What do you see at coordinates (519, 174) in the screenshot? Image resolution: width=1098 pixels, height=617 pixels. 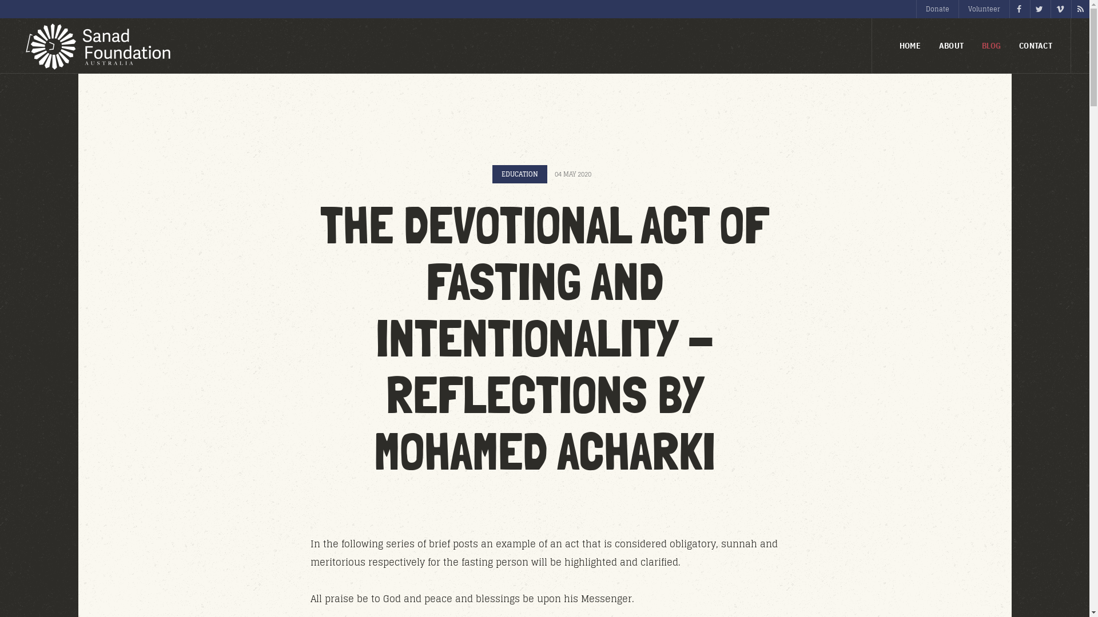 I see `'EDUCATION'` at bounding box center [519, 174].